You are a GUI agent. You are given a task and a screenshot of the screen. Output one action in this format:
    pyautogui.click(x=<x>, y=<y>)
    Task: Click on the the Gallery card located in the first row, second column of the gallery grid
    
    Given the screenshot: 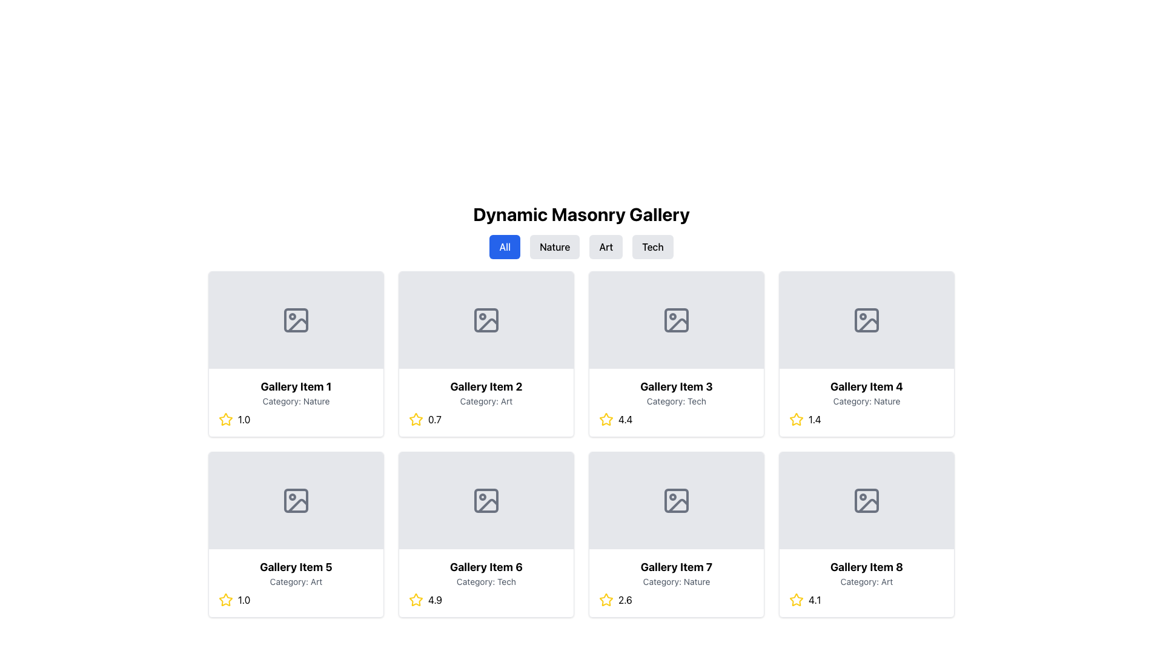 What is the action you would take?
    pyautogui.click(x=486, y=354)
    